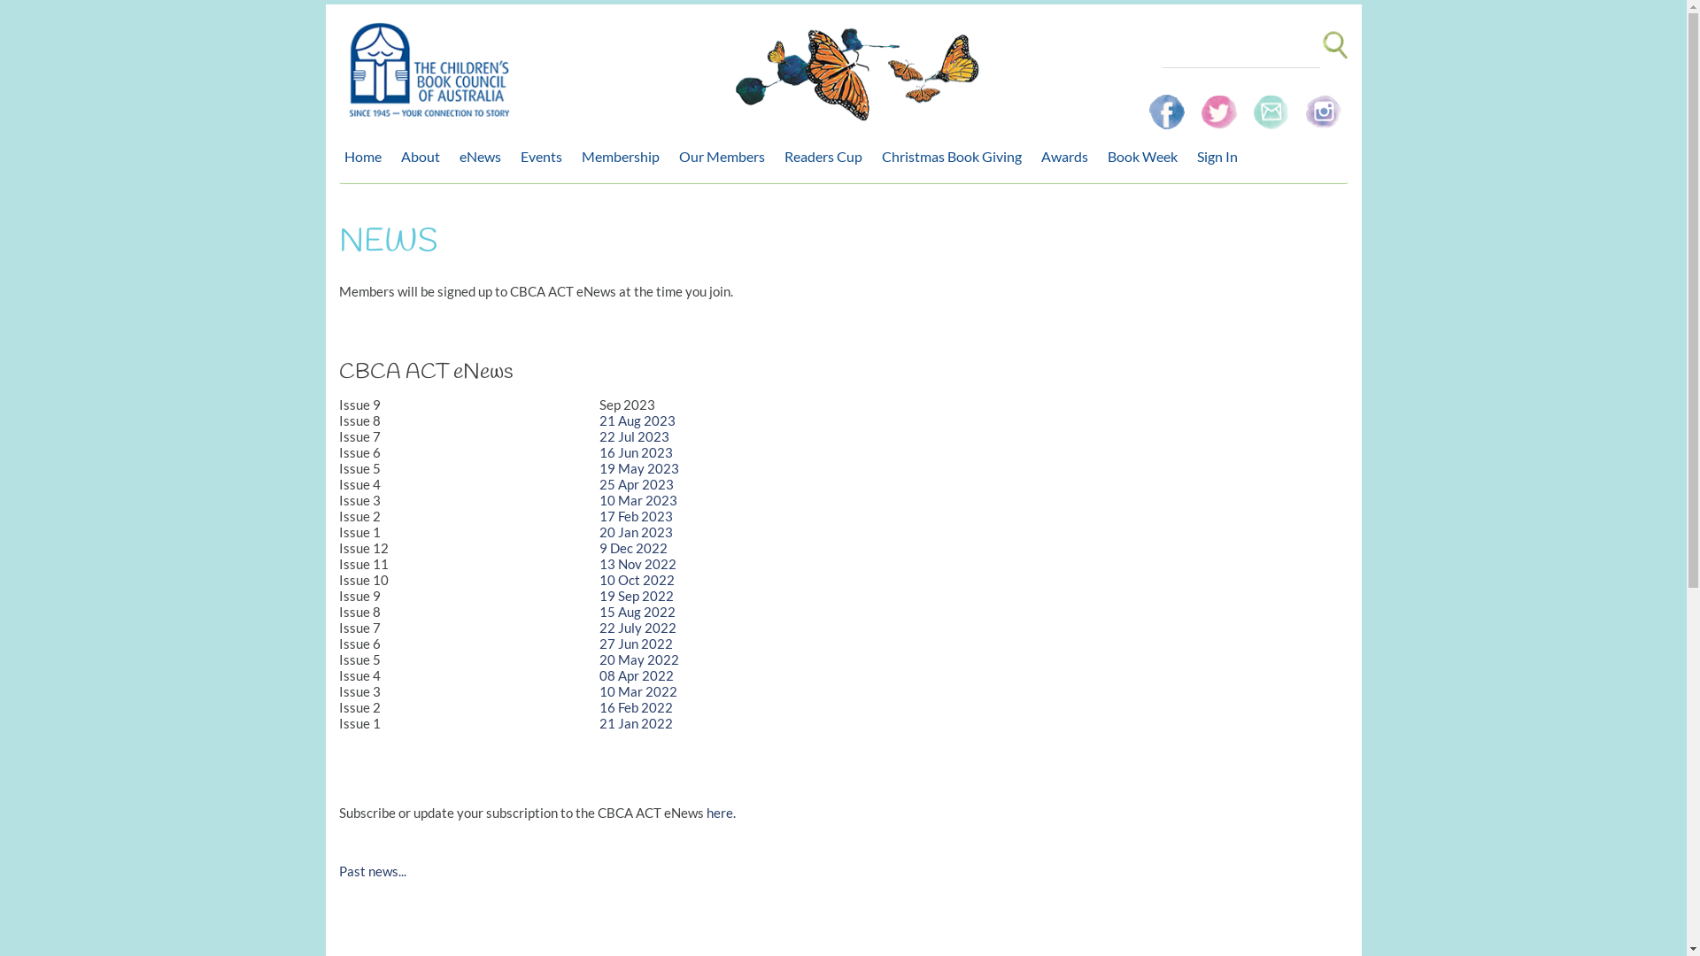 This screenshot has width=1700, height=956. I want to click on 'here', so click(719, 813).